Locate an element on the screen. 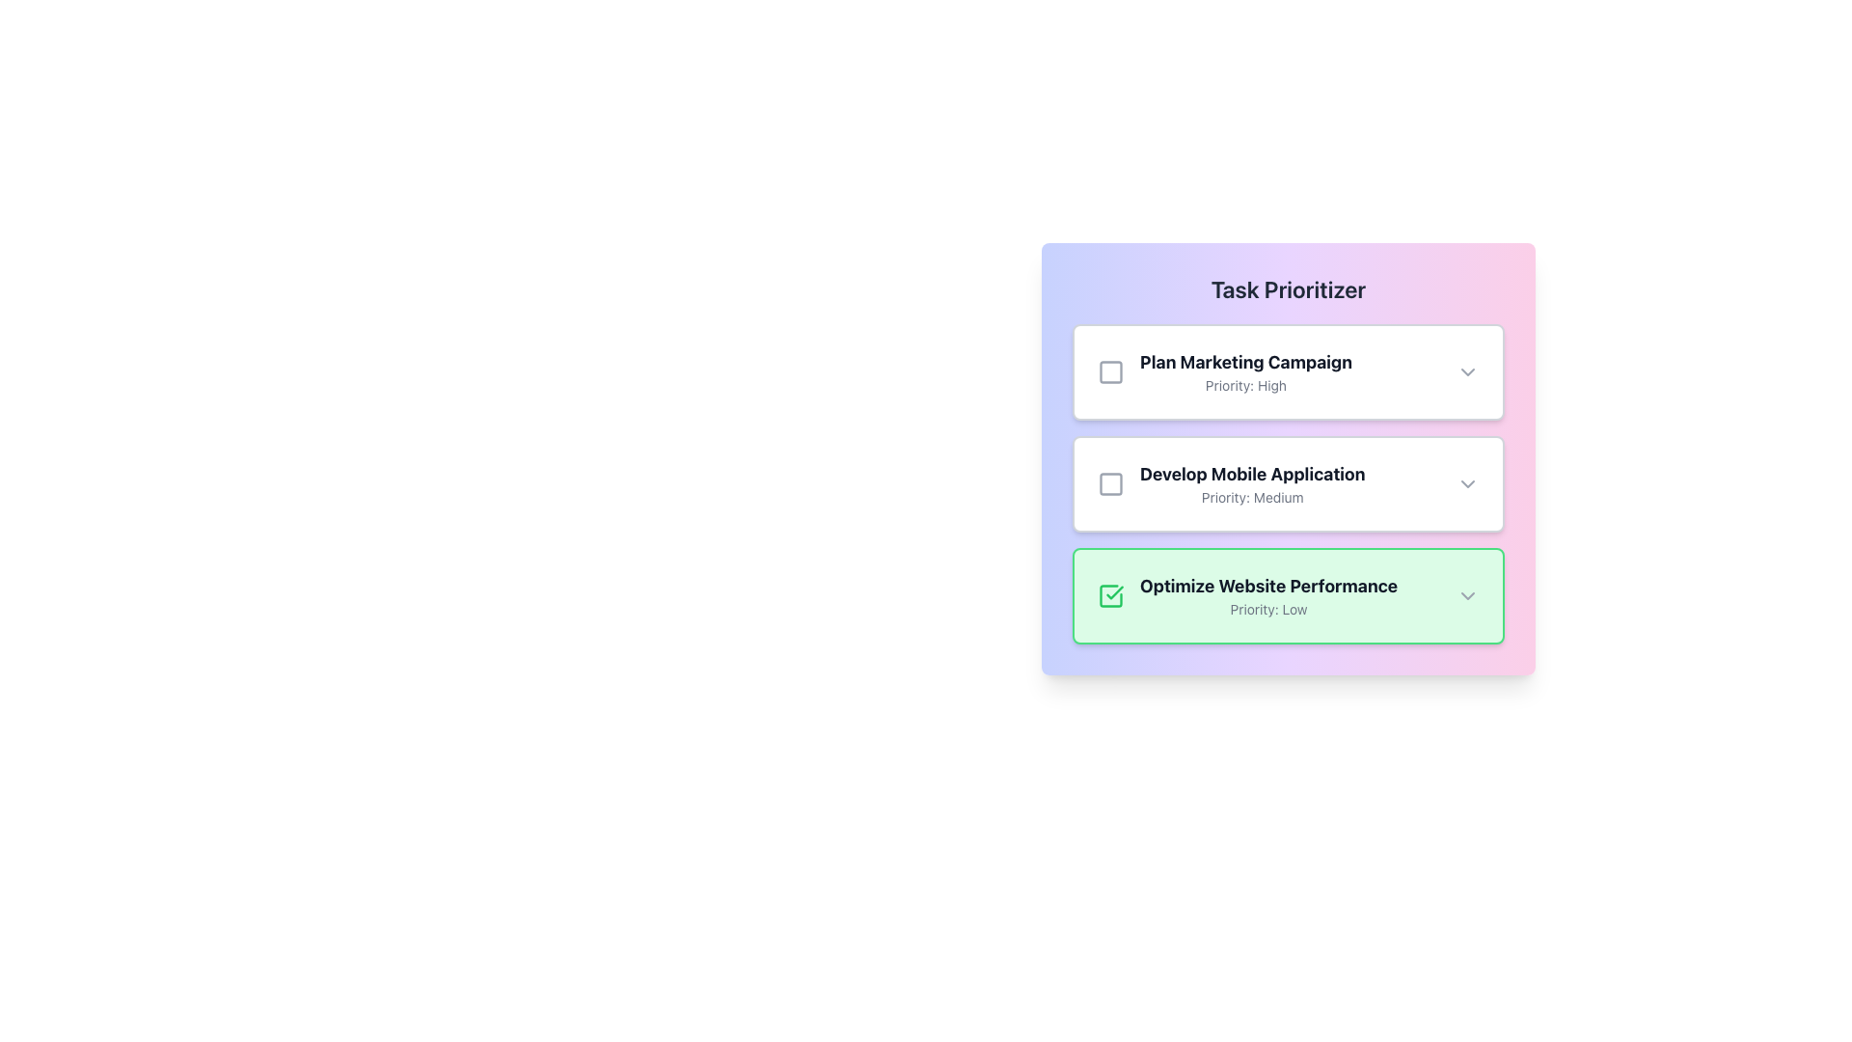 The width and height of the screenshot is (1852, 1042). the static text label displaying 'Priority: Low' that is located below the main title 'Optimize Website Performance' in the green-highlighted section is located at coordinates (1268, 610).